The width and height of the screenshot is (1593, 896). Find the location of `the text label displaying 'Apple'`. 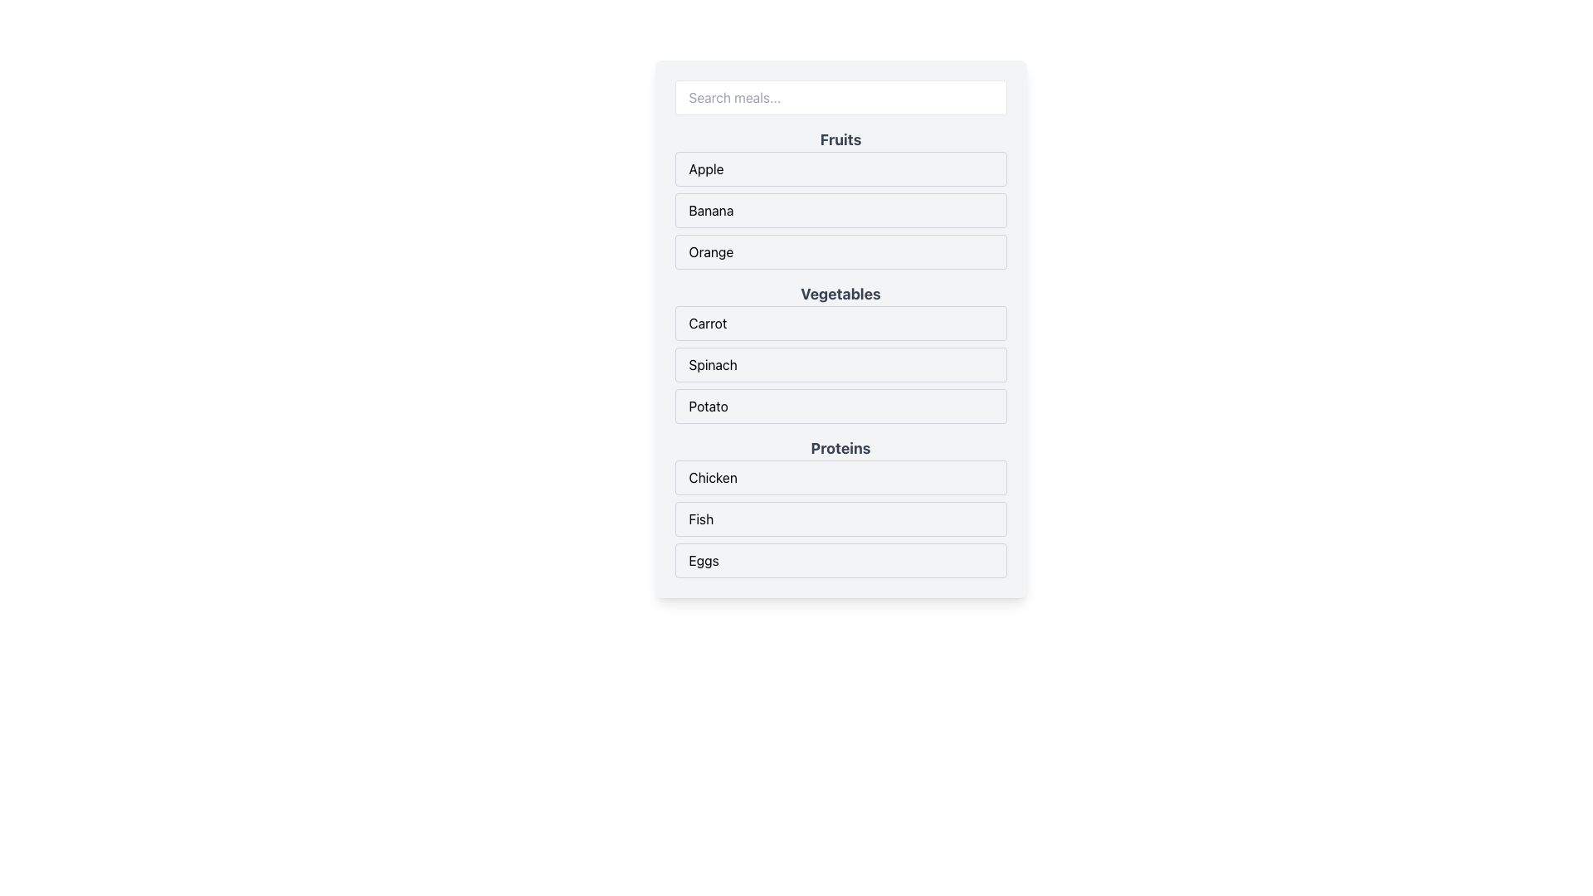

the text label displaying 'Apple' is located at coordinates (706, 169).